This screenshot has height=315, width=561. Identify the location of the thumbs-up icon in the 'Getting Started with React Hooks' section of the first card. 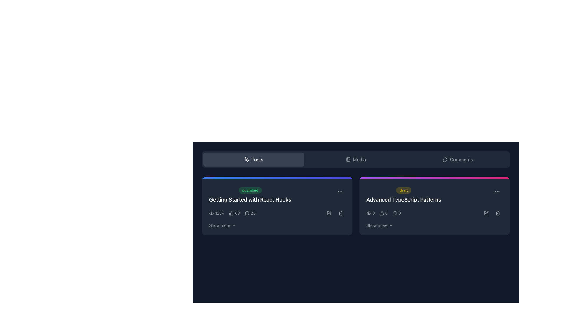
(231, 213).